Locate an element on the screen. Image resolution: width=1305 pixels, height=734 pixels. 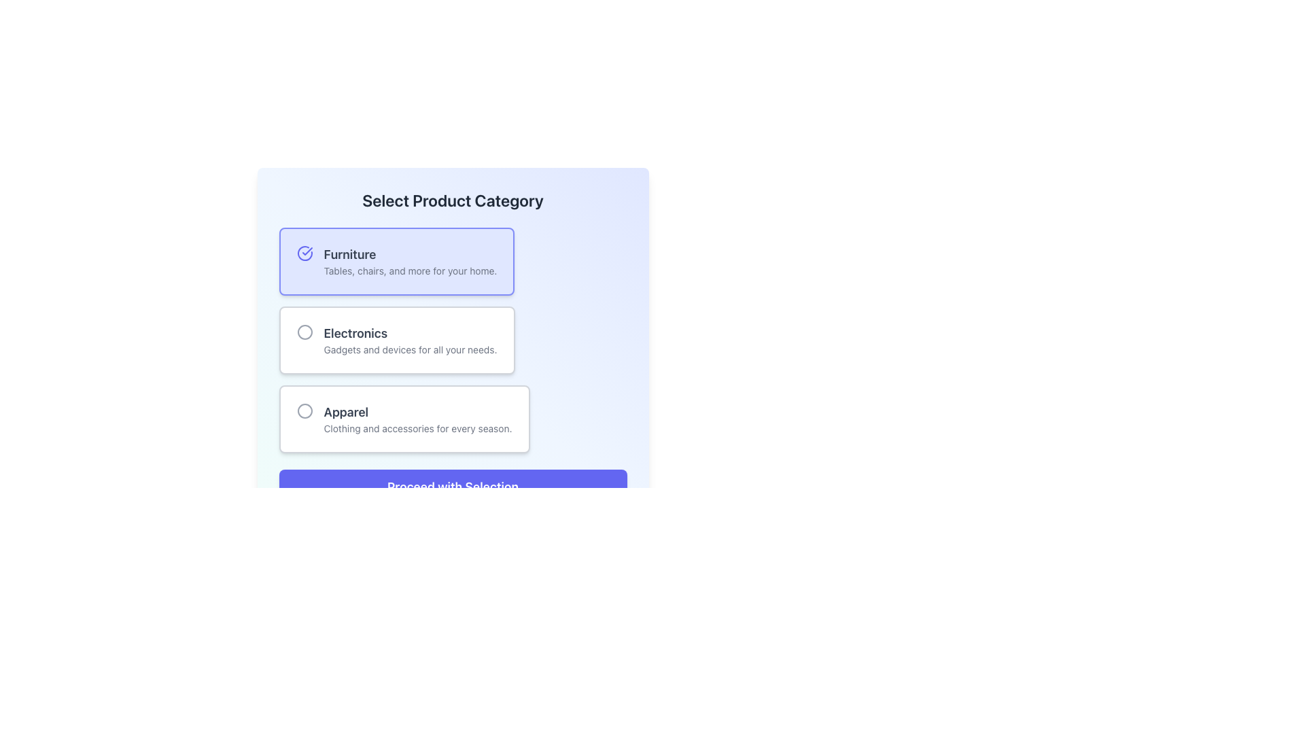
the descriptive text element located directly beneath the 'Furniture' heading, which provides additional information about the 'Furniture' category is located at coordinates (409, 270).